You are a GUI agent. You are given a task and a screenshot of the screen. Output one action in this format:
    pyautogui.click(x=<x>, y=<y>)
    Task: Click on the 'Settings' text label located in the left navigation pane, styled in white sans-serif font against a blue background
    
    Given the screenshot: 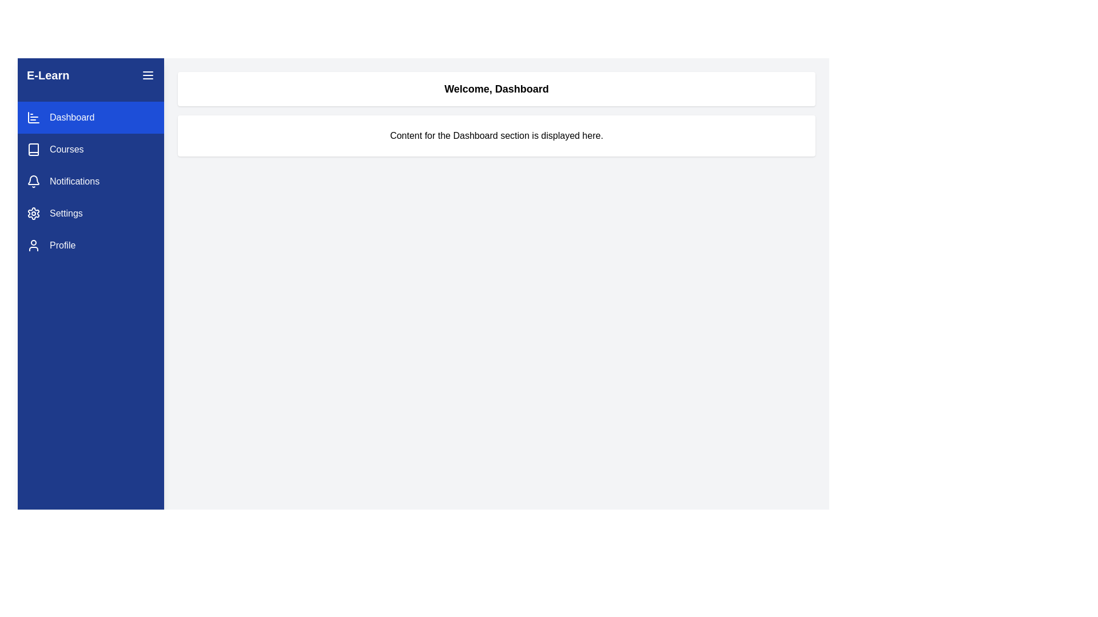 What is the action you would take?
    pyautogui.click(x=65, y=214)
    